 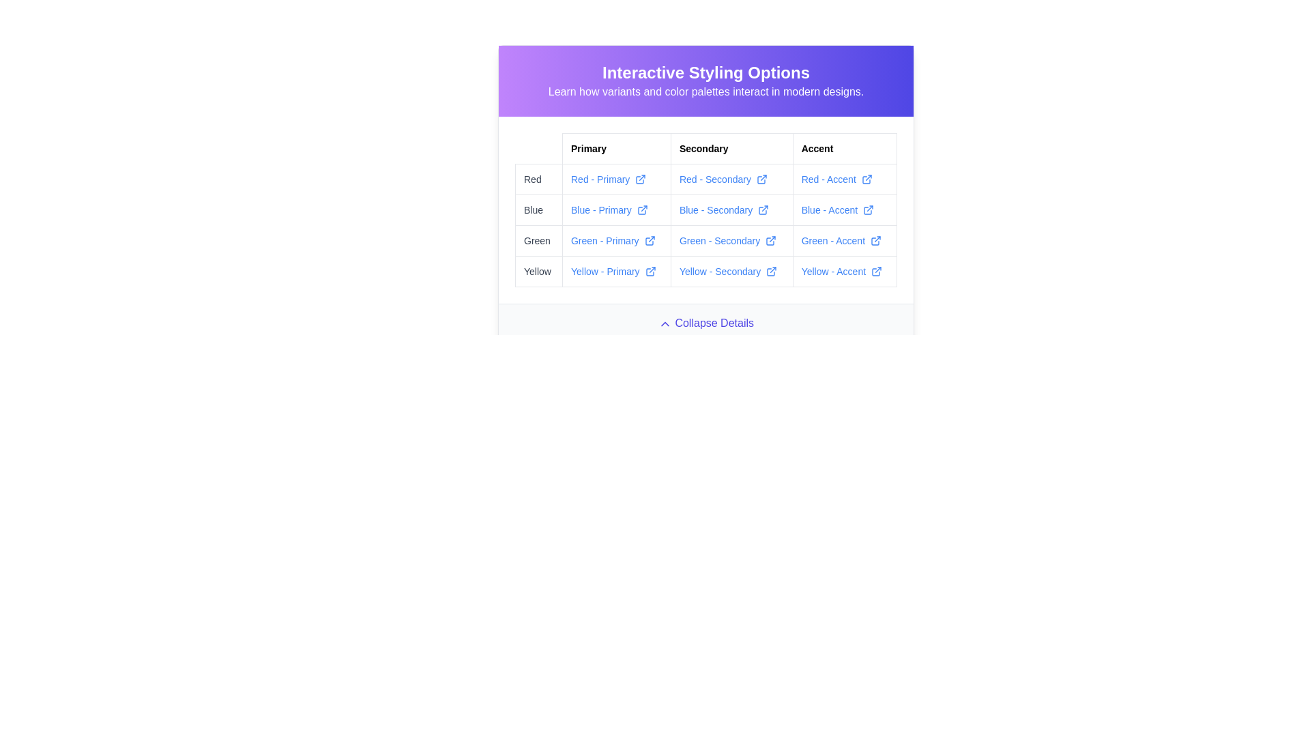 I want to click on the external link icon adjacent to the 'Blue - Primary' text label, so click(x=615, y=210).